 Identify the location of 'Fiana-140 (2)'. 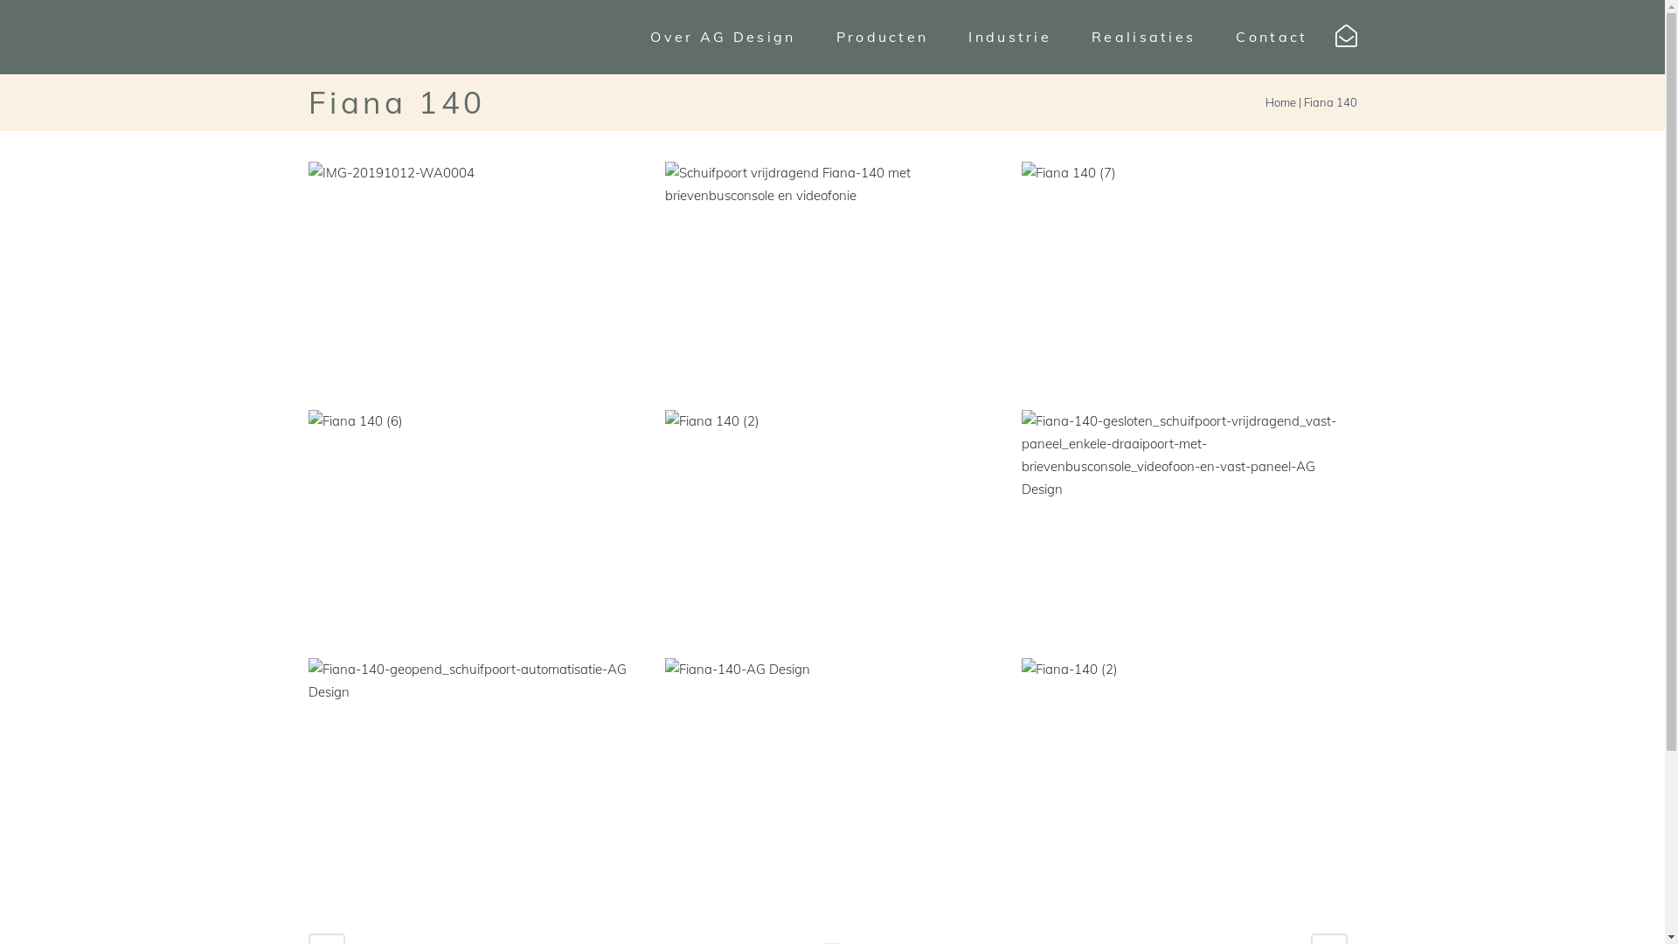
(1189, 758).